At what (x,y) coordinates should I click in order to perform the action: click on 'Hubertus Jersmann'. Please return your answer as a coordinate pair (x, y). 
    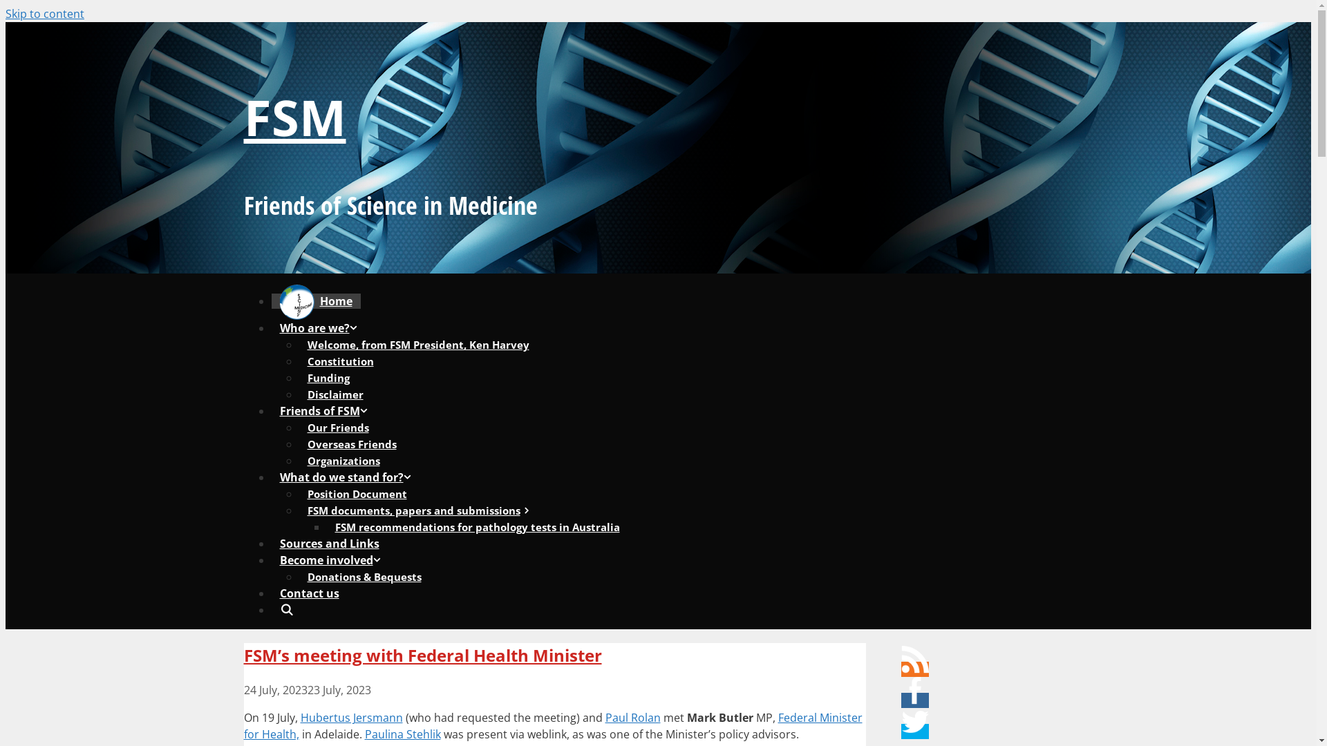
    Looking at the image, I should click on (351, 716).